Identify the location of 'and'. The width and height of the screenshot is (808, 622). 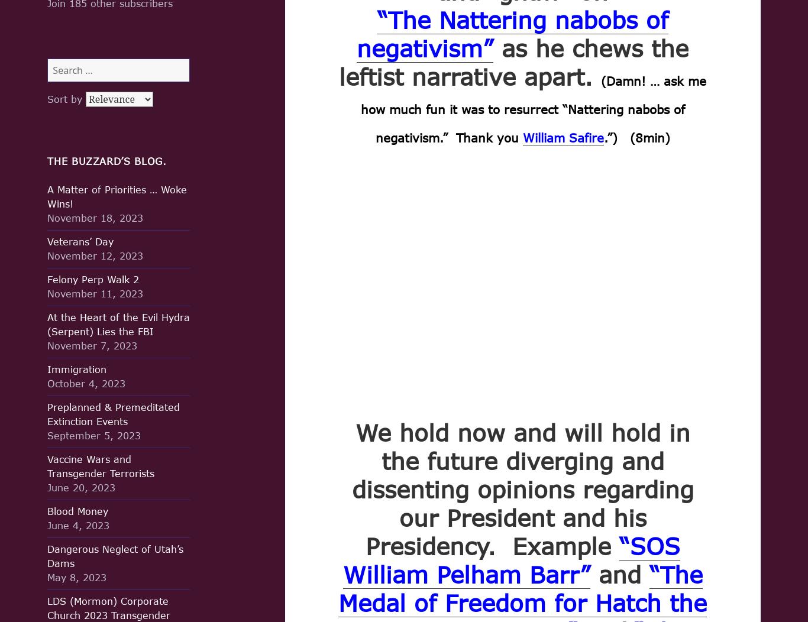
(619, 574).